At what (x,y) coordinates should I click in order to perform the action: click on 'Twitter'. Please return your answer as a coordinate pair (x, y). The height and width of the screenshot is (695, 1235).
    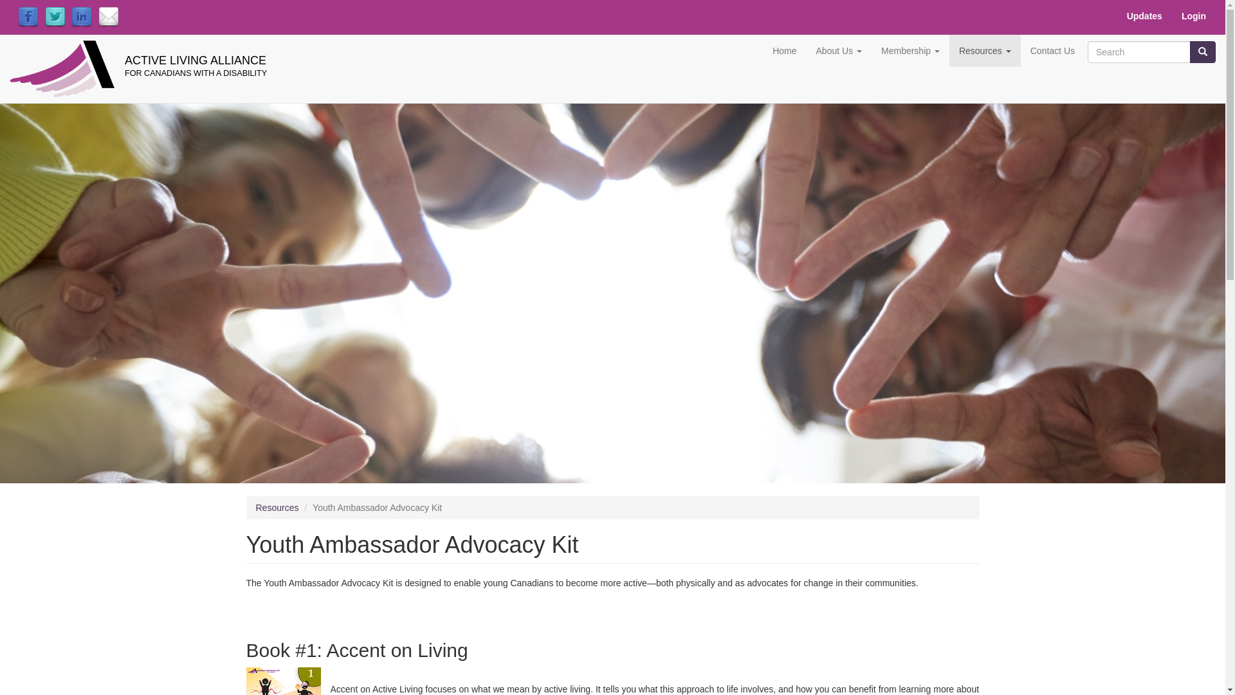
    Looking at the image, I should click on (55, 17).